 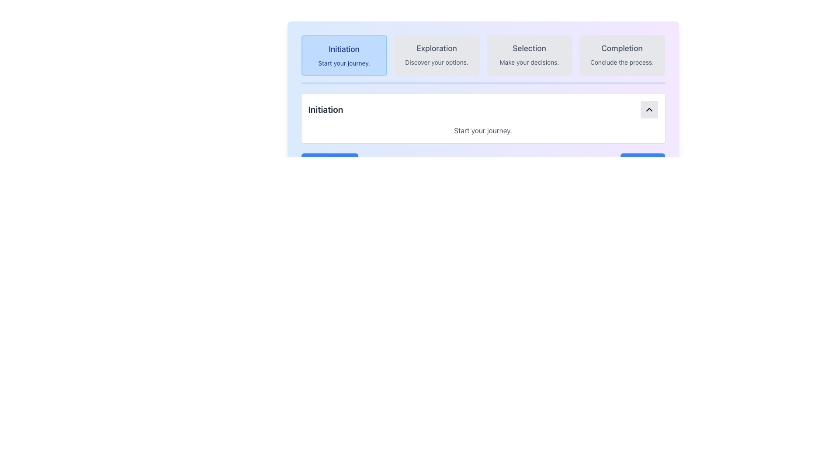 I want to click on text content of the label 'Initiation' which is displayed in blue color within a larger rounded button-like component, so click(x=343, y=49).